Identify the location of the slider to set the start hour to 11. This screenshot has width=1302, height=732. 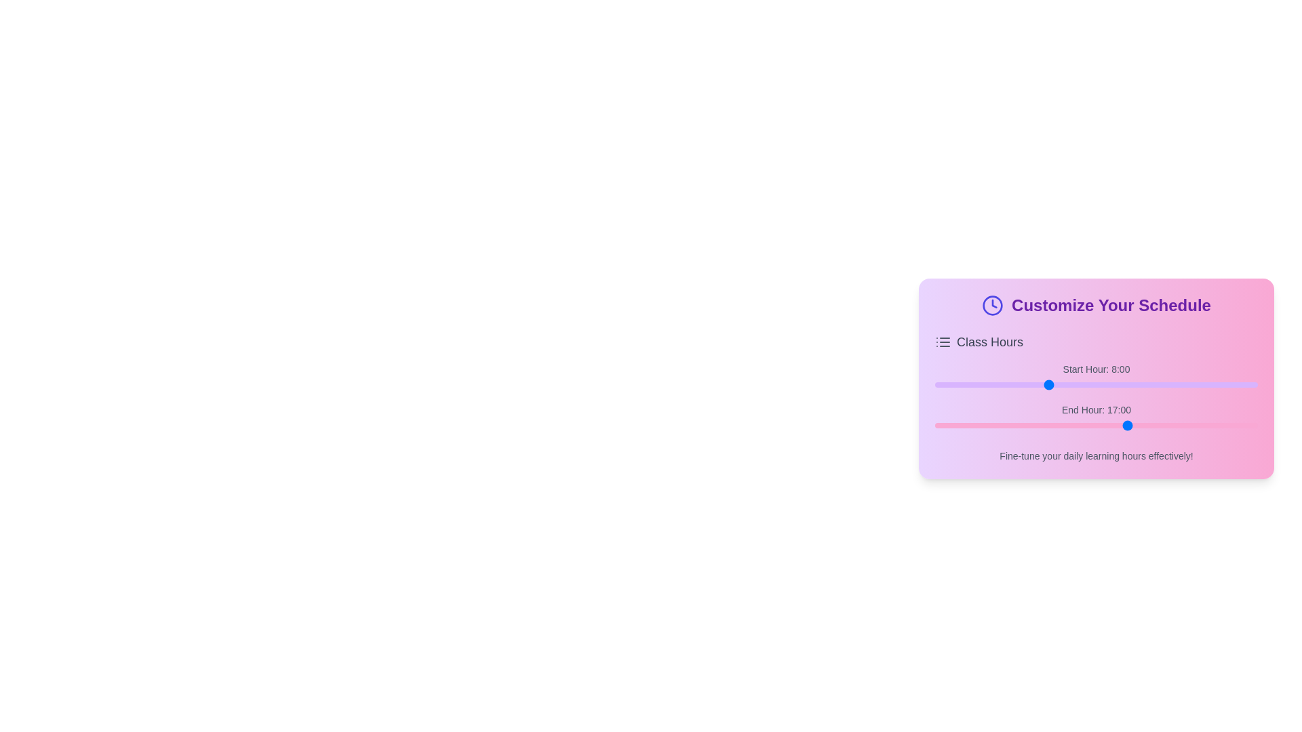
(1089, 384).